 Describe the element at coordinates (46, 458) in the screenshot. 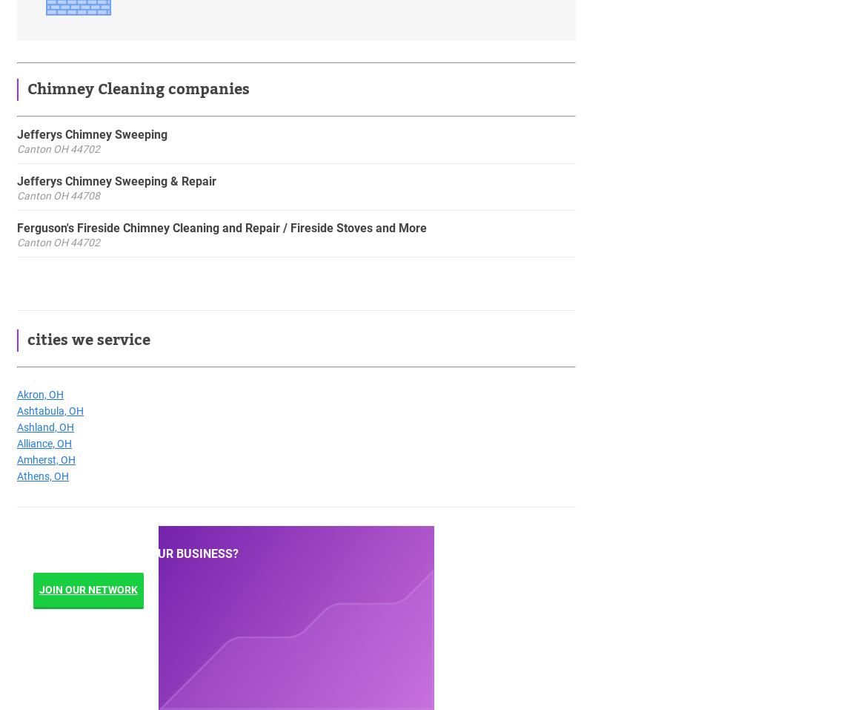

I see `'Amherst, OH'` at that location.